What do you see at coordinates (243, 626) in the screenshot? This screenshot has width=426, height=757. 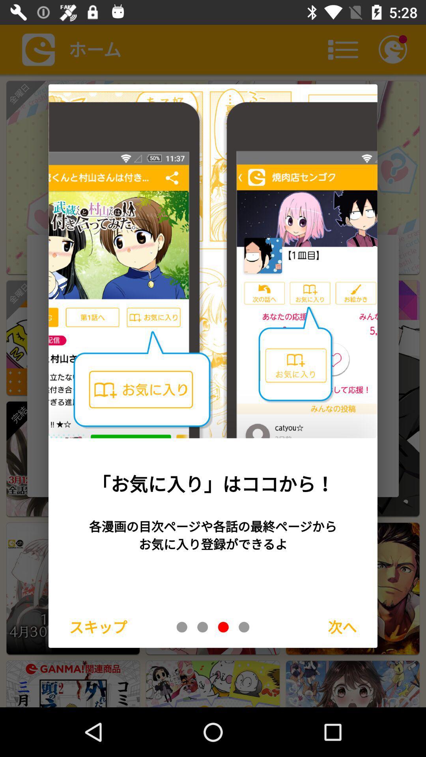 I see `next page` at bounding box center [243, 626].